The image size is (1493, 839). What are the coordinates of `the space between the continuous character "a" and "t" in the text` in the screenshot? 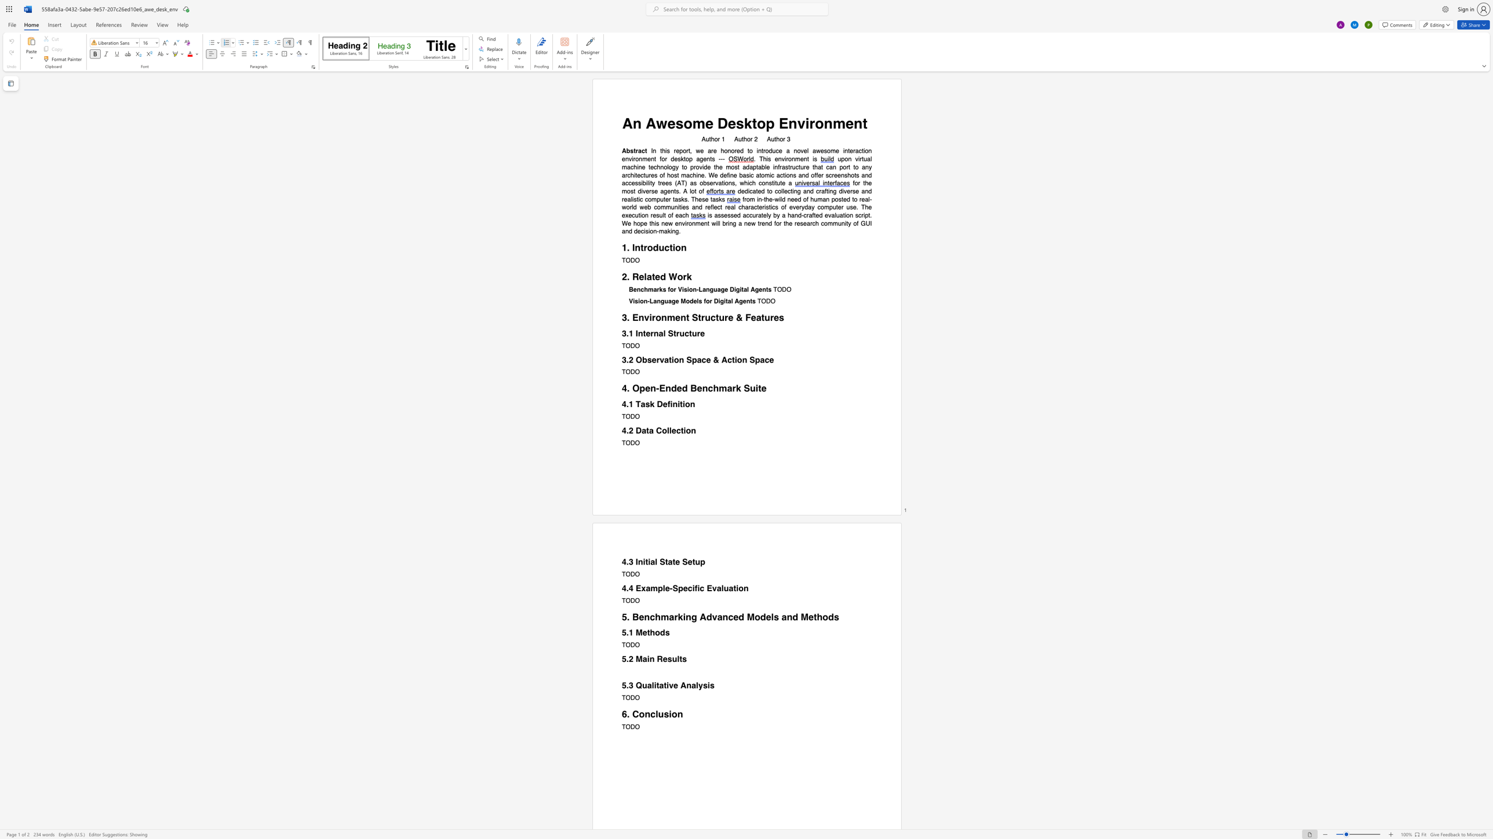 It's located at (646, 430).